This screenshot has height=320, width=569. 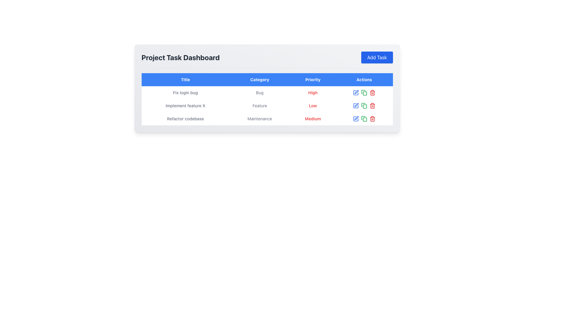 I want to click on the small blue edit button, represented as a pencil icon, located in the actions column of the first row in the table to initiate an edit action, so click(x=356, y=92).